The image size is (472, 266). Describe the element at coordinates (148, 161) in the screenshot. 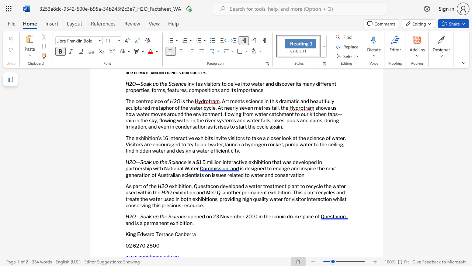

I see `the subset text "k up" within the text "H2O—Soak up the Science"` at that location.